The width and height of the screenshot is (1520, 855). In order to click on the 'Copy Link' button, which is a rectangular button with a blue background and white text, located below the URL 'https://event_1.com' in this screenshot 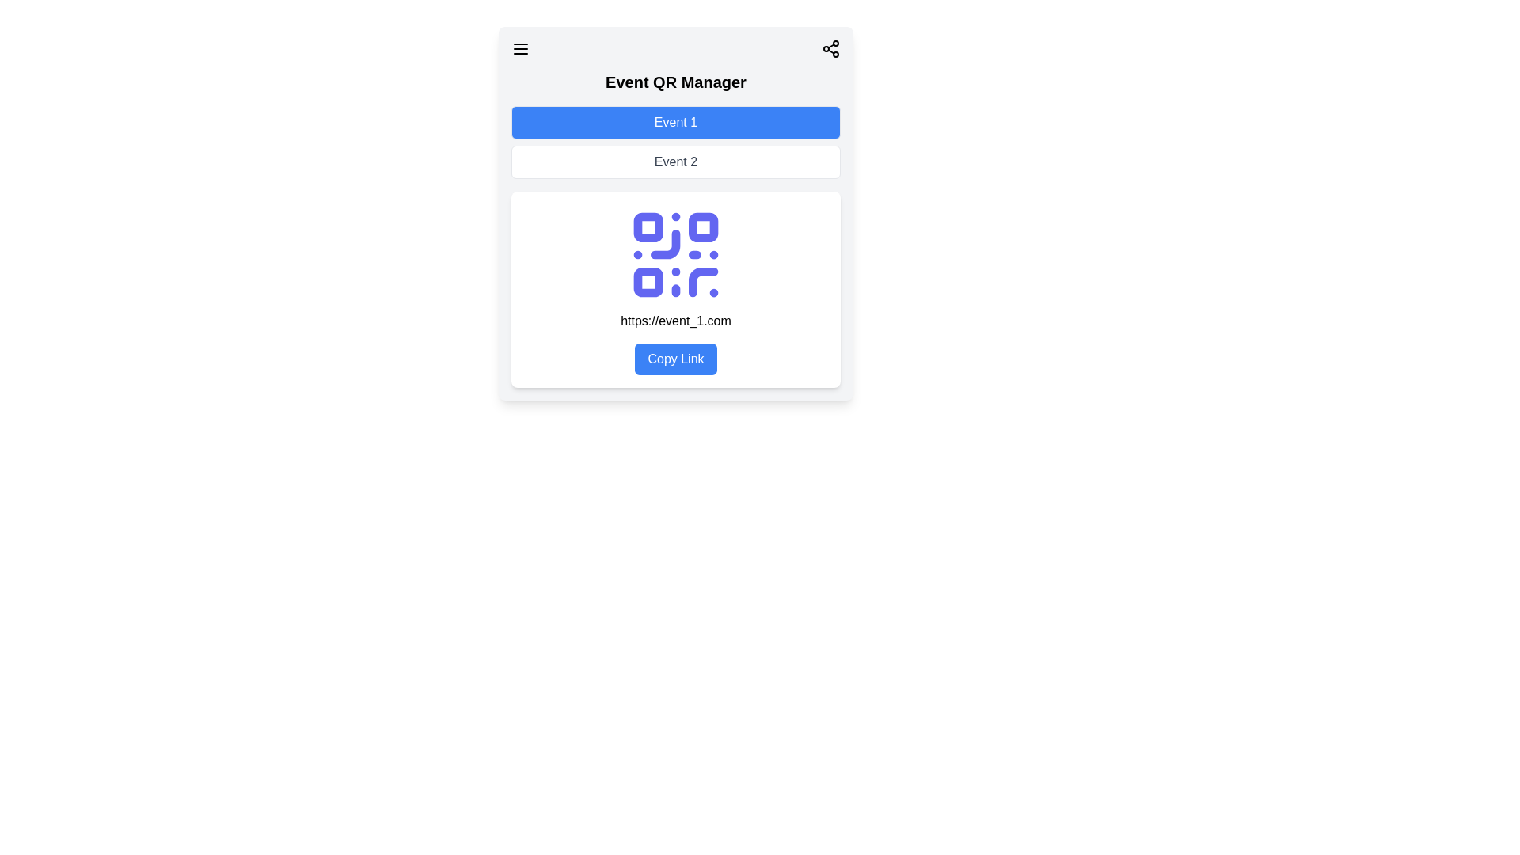, I will do `click(676, 359)`.